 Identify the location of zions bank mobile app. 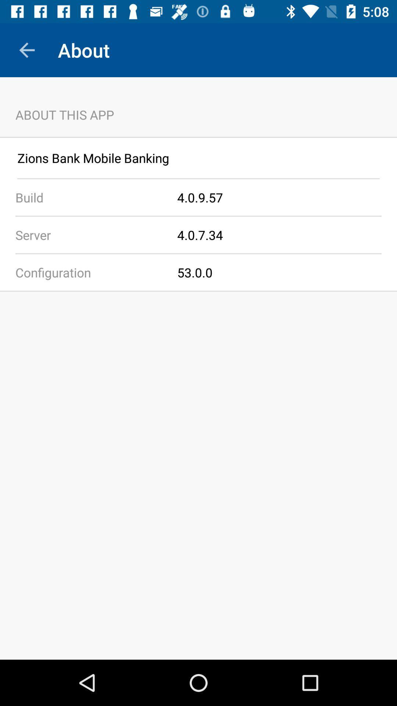
(198, 157).